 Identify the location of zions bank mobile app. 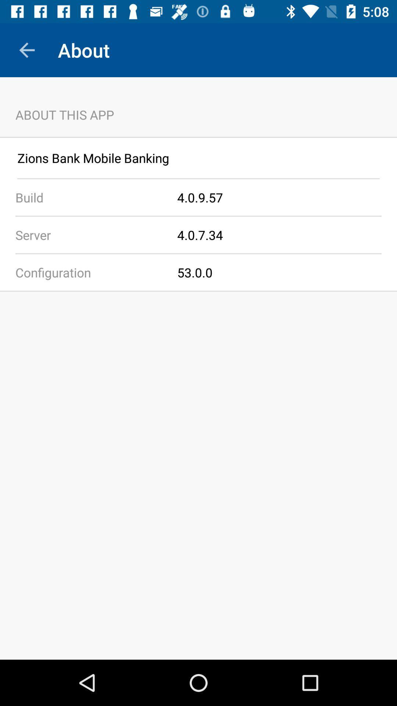
(198, 157).